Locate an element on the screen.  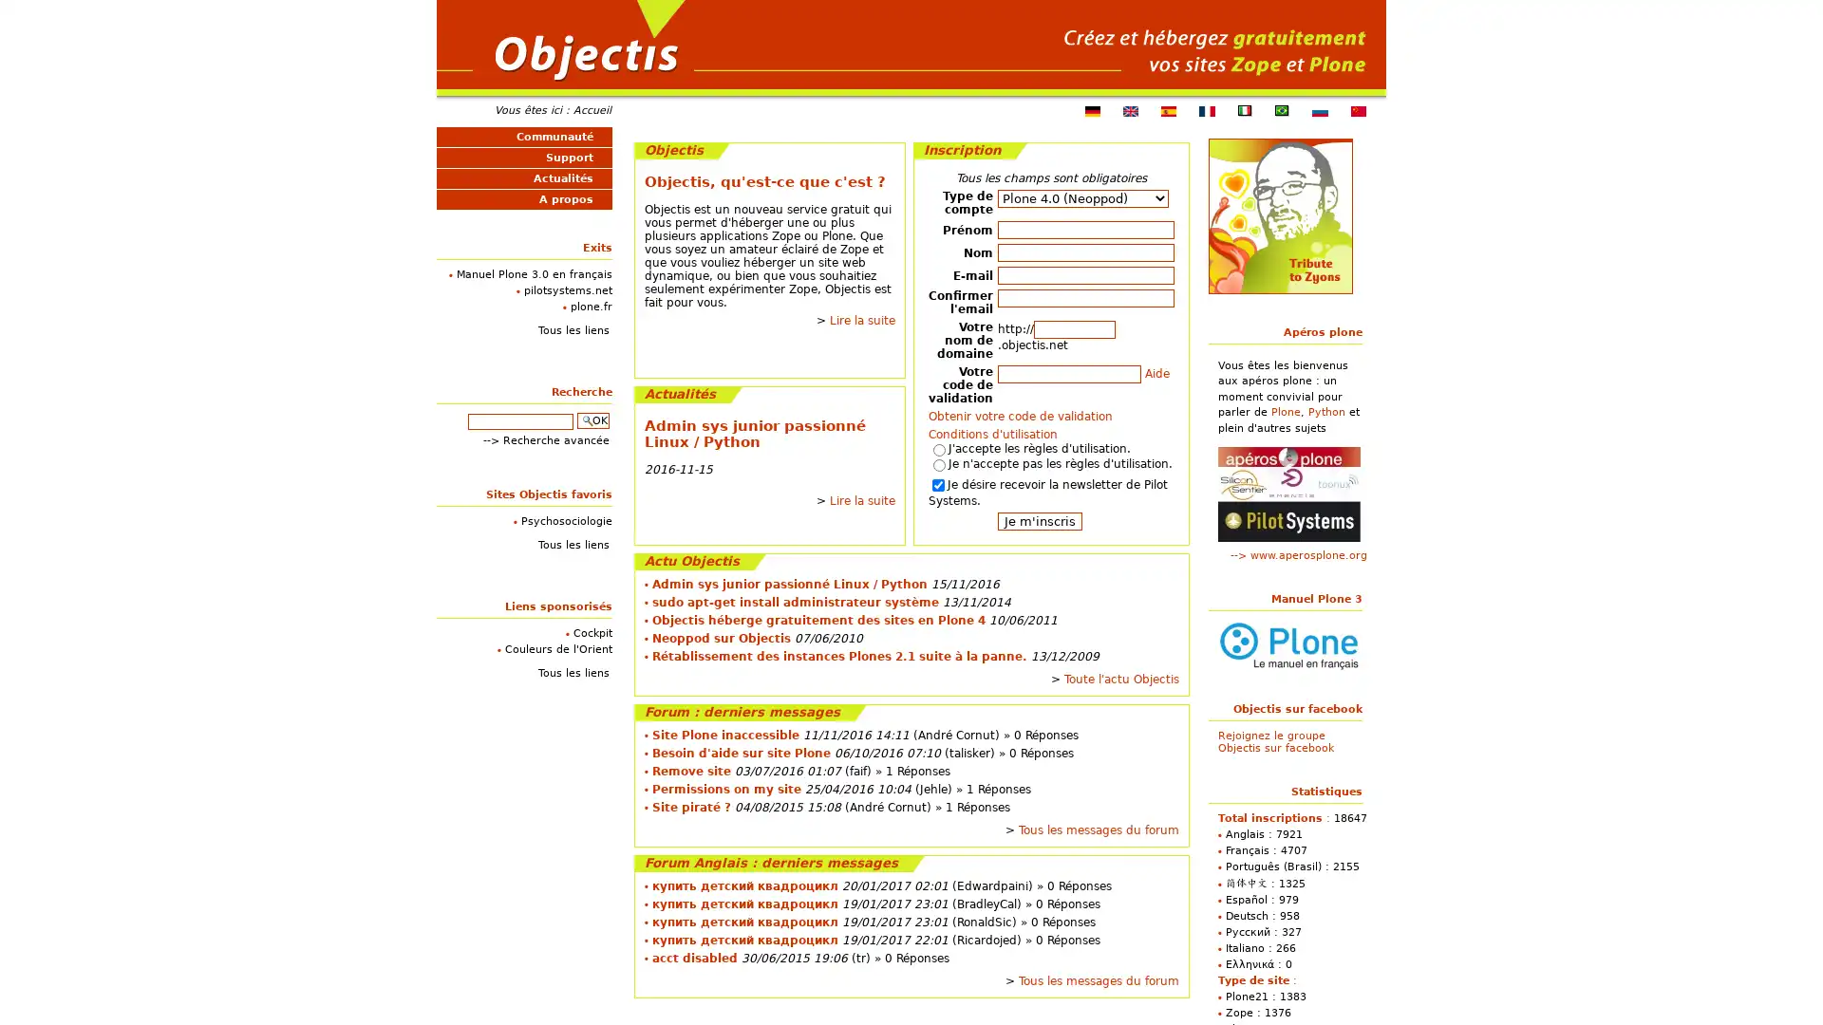
Je m'inscris is located at coordinates (1038, 521).